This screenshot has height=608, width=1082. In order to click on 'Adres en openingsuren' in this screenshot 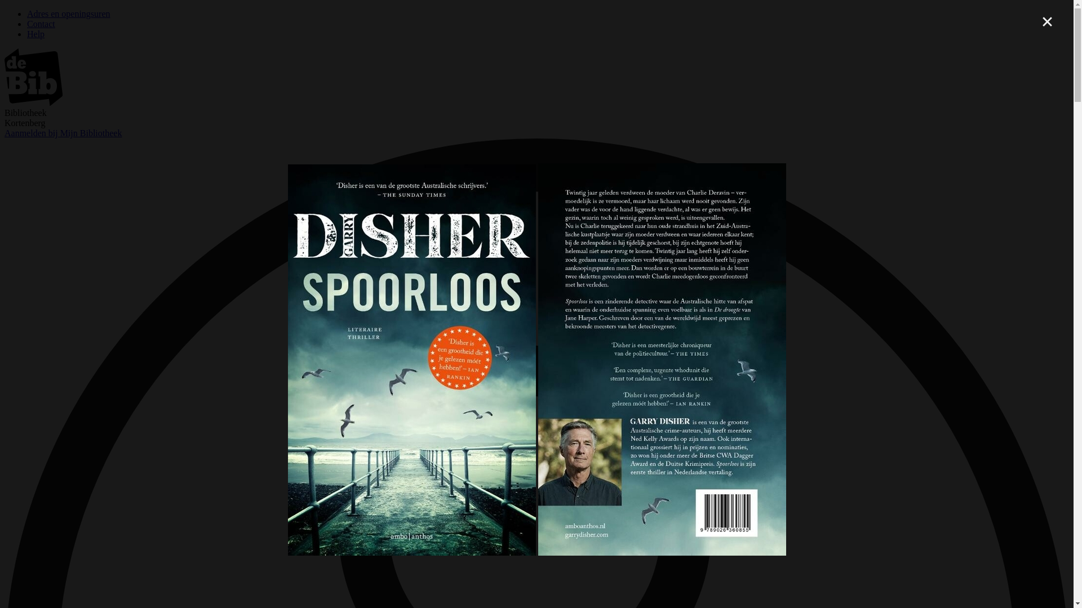, I will do `click(68, 14)`.